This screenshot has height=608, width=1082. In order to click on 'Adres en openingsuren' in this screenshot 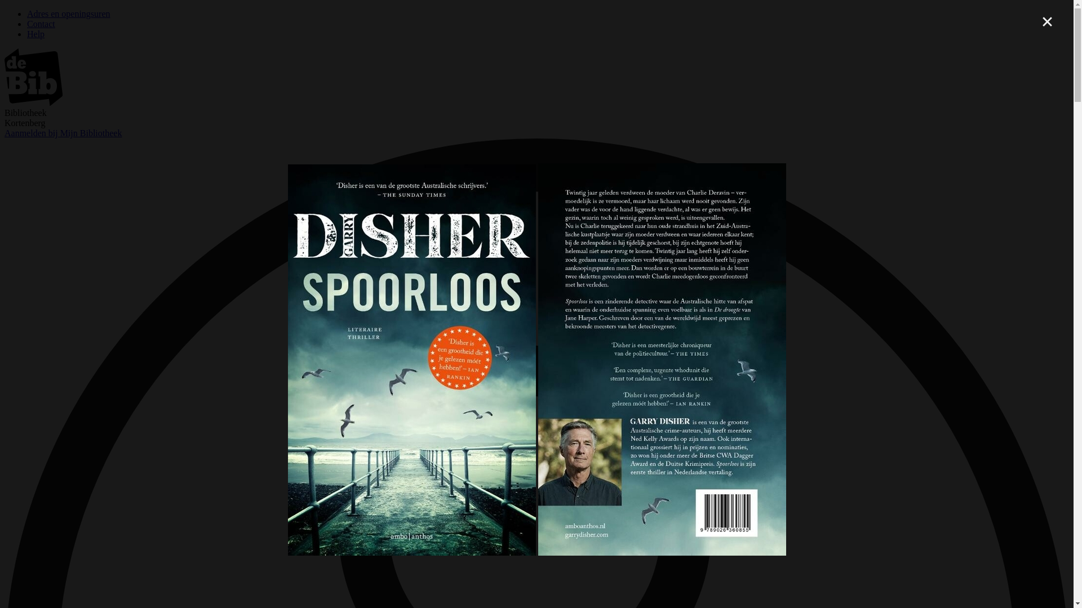, I will do `click(68, 14)`.